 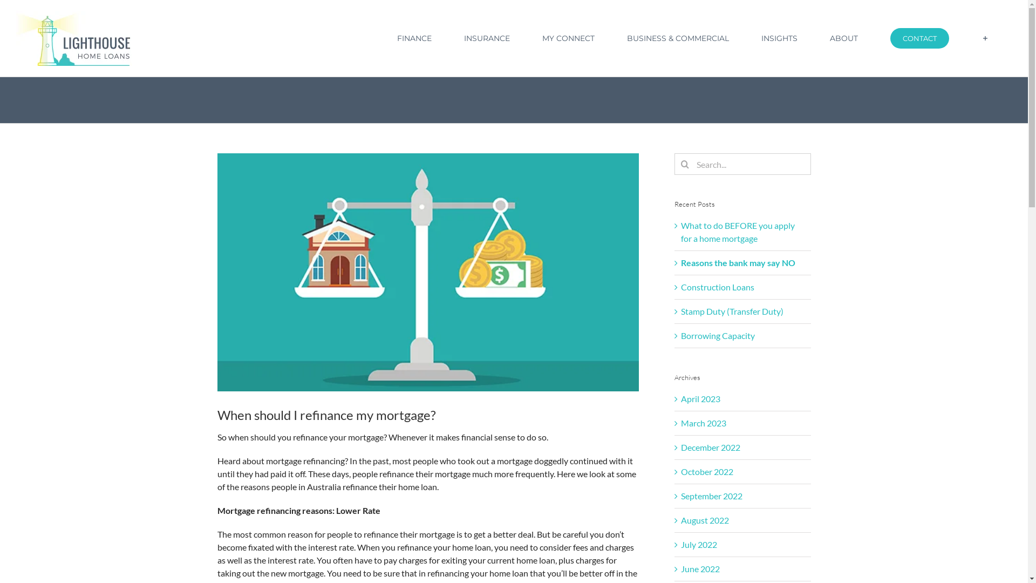 I want to click on 'December 2022', so click(x=710, y=447).